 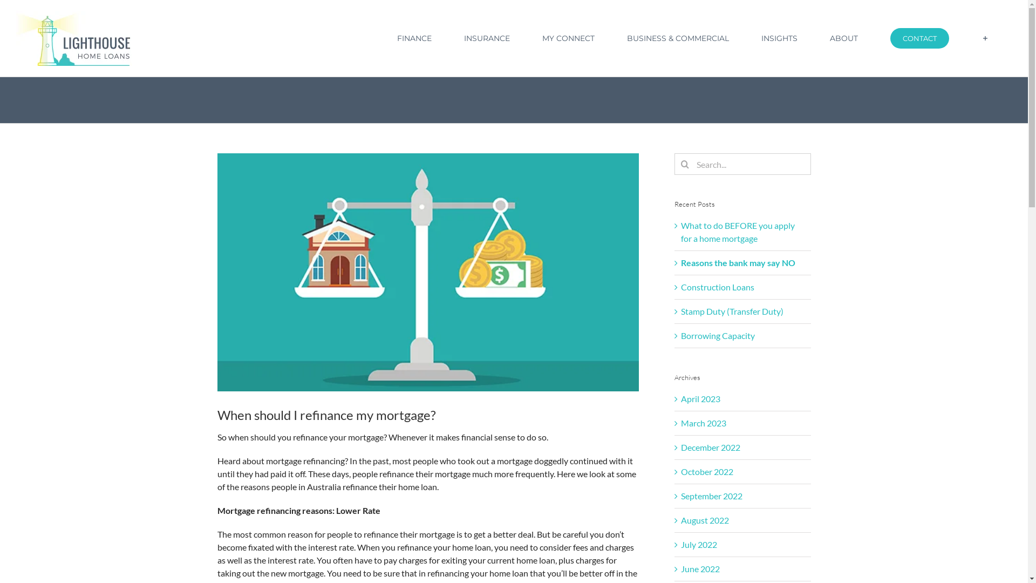 I want to click on 'December 2022', so click(x=710, y=447).